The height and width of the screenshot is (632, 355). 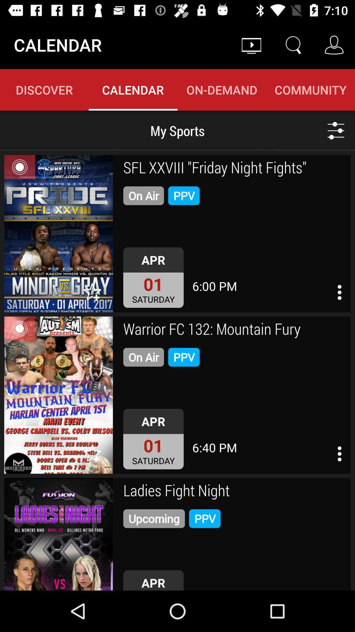 I want to click on open up side menu, so click(x=340, y=453).